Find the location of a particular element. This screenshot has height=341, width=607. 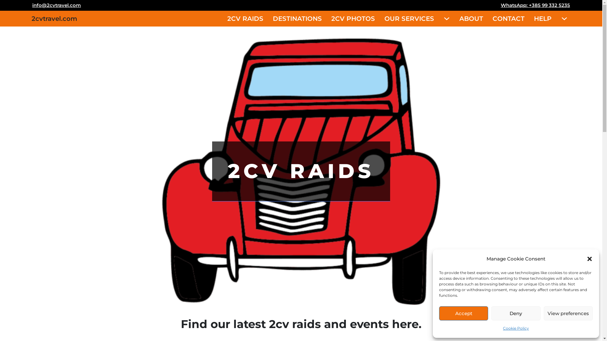

'DESTINATIONS' is located at coordinates (297, 18).